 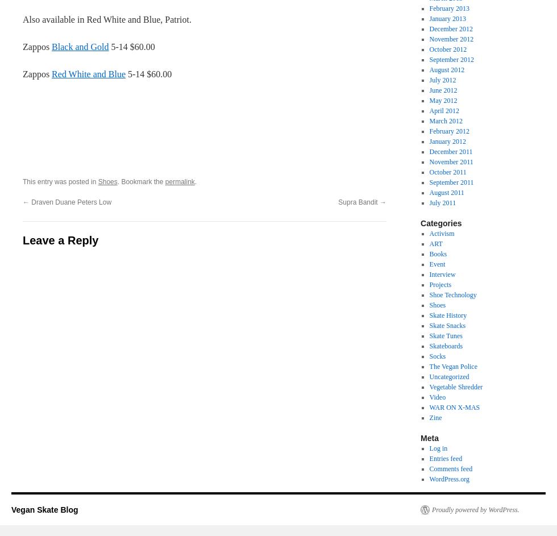 I want to click on 'Black and Gold', so click(x=52, y=46).